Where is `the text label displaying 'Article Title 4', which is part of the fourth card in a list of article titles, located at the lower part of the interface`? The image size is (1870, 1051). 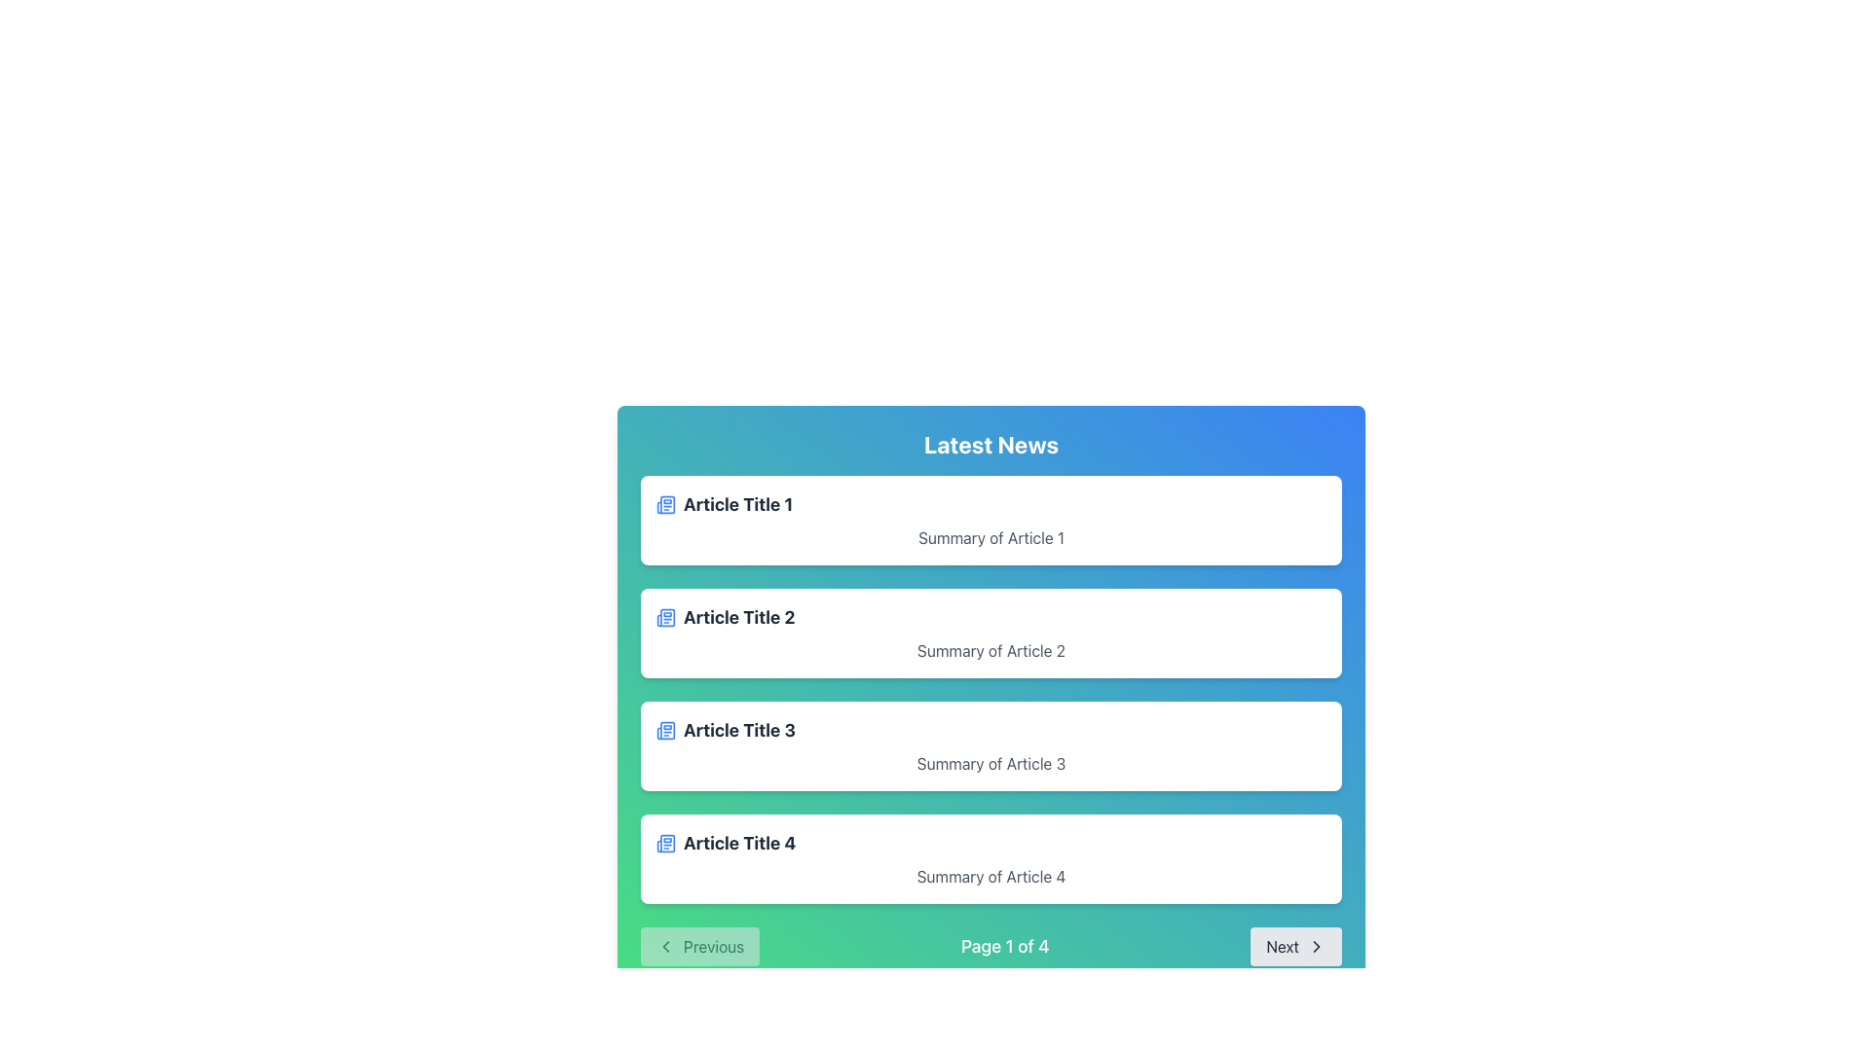 the text label displaying 'Article Title 4', which is part of the fourth card in a list of article titles, located at the lower part of the interface is located at coordinates (738, 843).